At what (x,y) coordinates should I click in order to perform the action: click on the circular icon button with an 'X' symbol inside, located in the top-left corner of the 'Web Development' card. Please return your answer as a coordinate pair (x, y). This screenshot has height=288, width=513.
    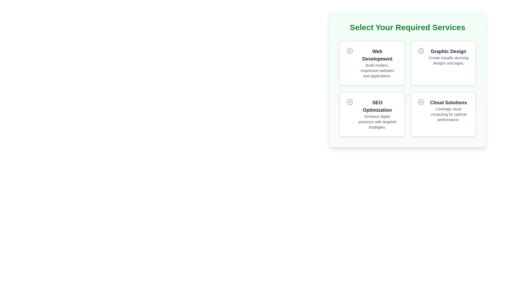
    Looking at the image, I should click on (350, 51).